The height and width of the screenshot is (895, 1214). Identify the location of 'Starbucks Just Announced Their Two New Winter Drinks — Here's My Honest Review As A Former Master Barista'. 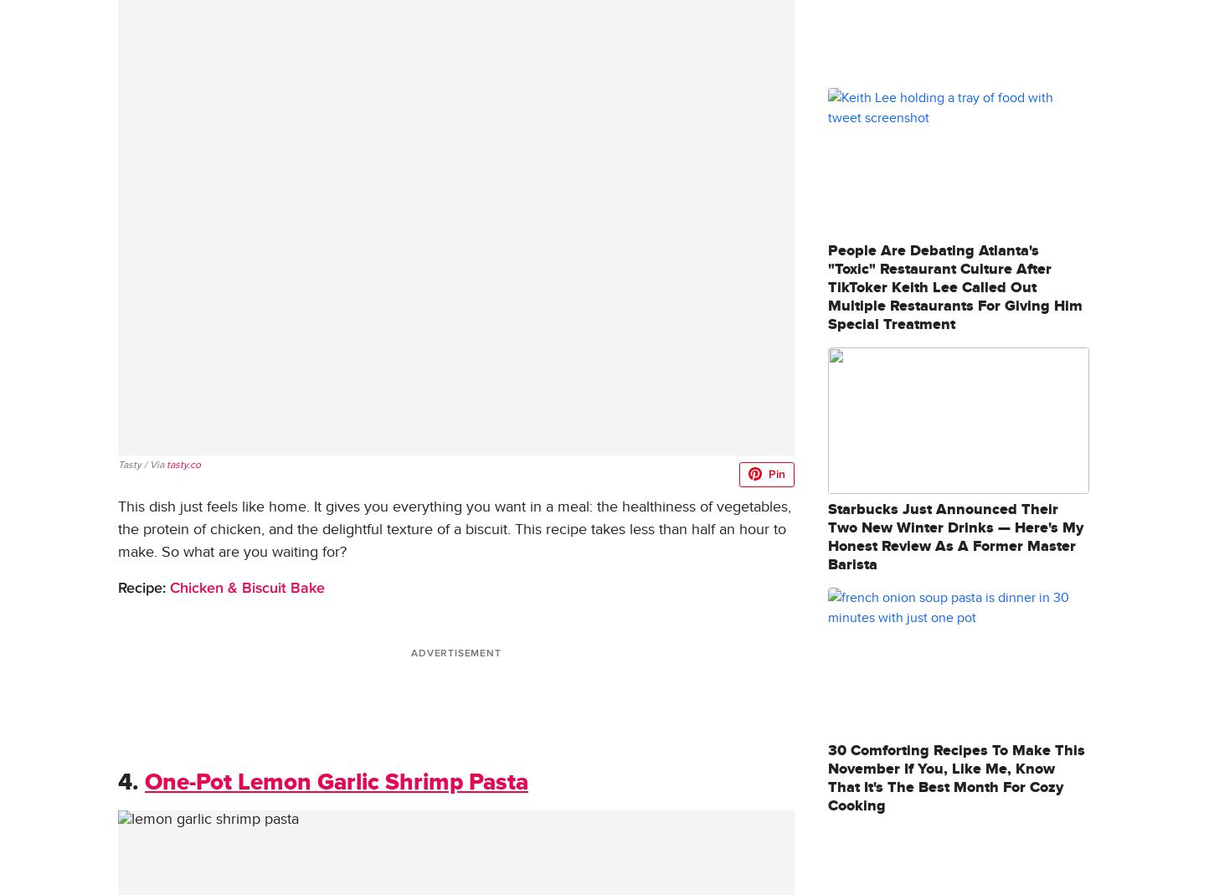
(828, 537).